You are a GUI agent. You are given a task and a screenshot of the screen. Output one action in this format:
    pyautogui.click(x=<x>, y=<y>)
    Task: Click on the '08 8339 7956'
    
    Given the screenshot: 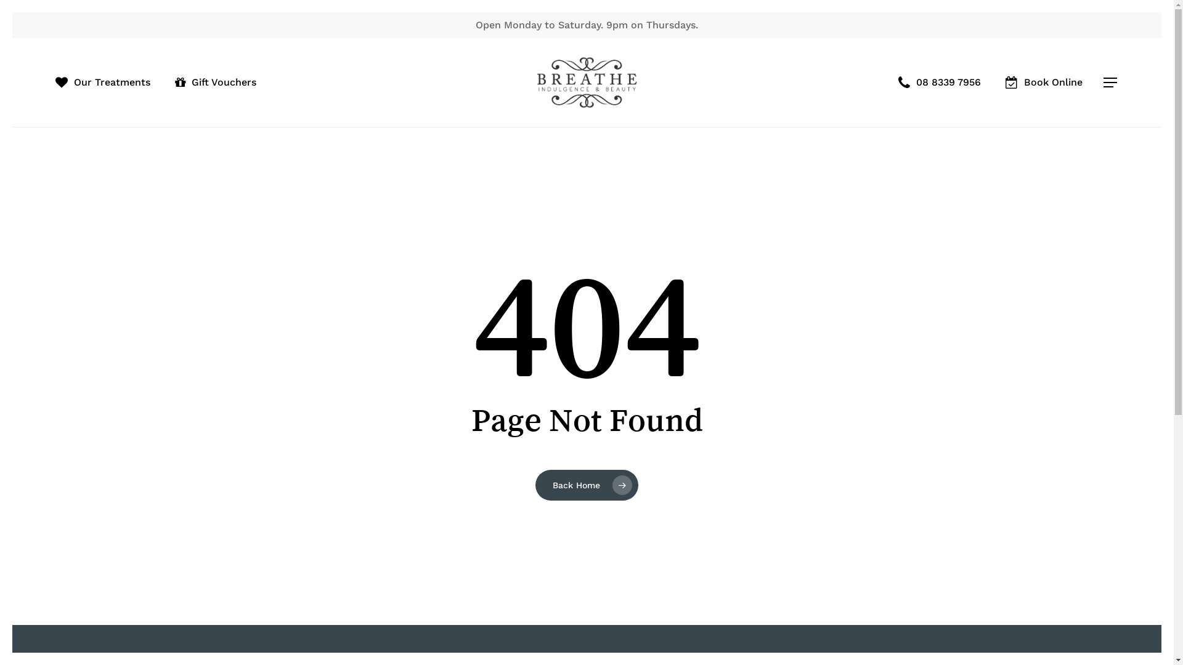 What is the action you would take?
    pyautogui.click(x=939, y=83)
    